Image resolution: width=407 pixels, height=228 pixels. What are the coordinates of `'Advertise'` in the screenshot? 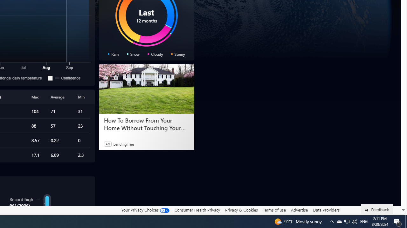 It's located at (299, 210).